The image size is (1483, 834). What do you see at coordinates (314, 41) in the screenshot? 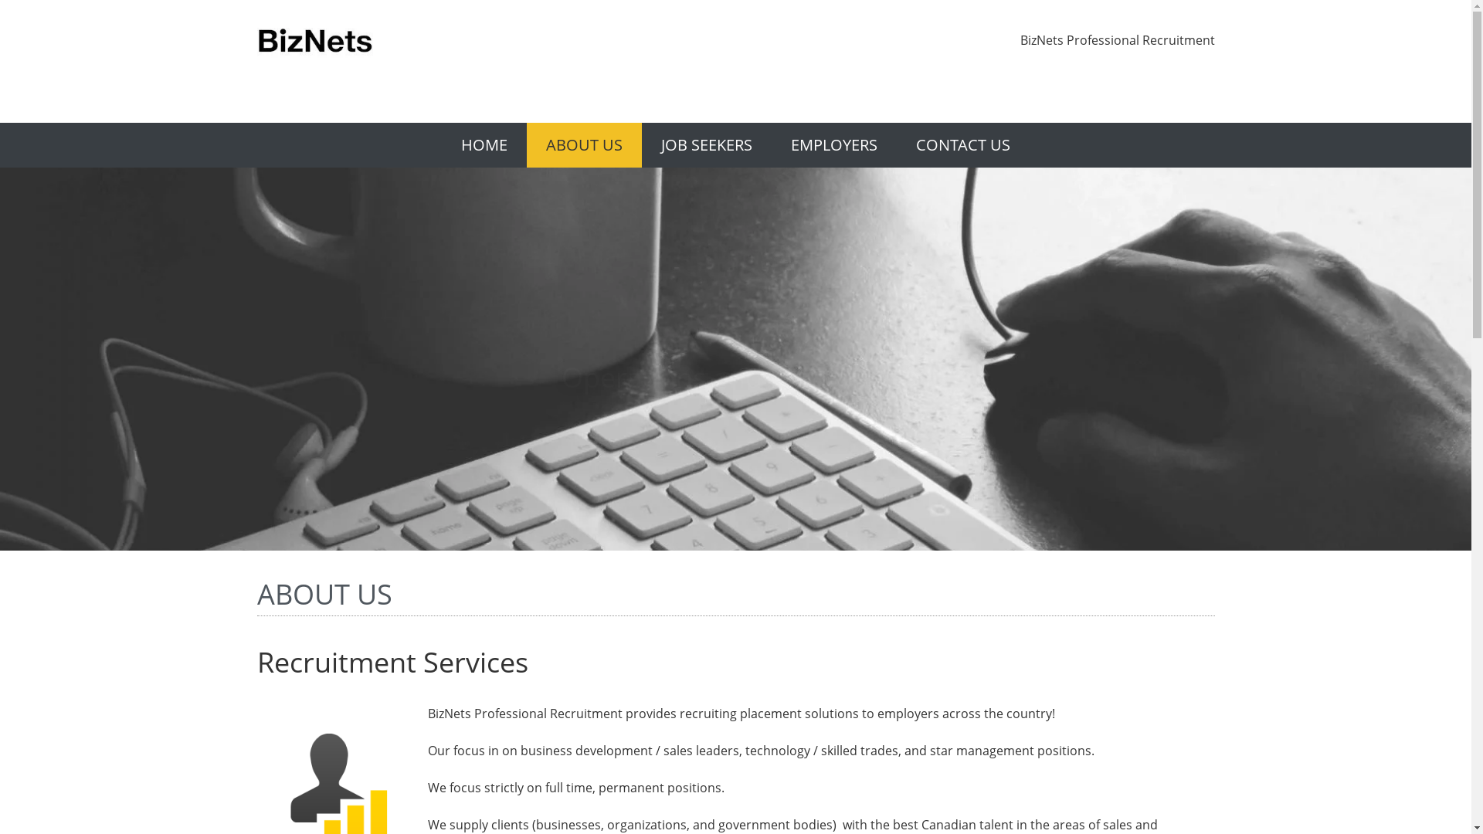
I see `'Go to site home page'` at bounding box center [314, 41].